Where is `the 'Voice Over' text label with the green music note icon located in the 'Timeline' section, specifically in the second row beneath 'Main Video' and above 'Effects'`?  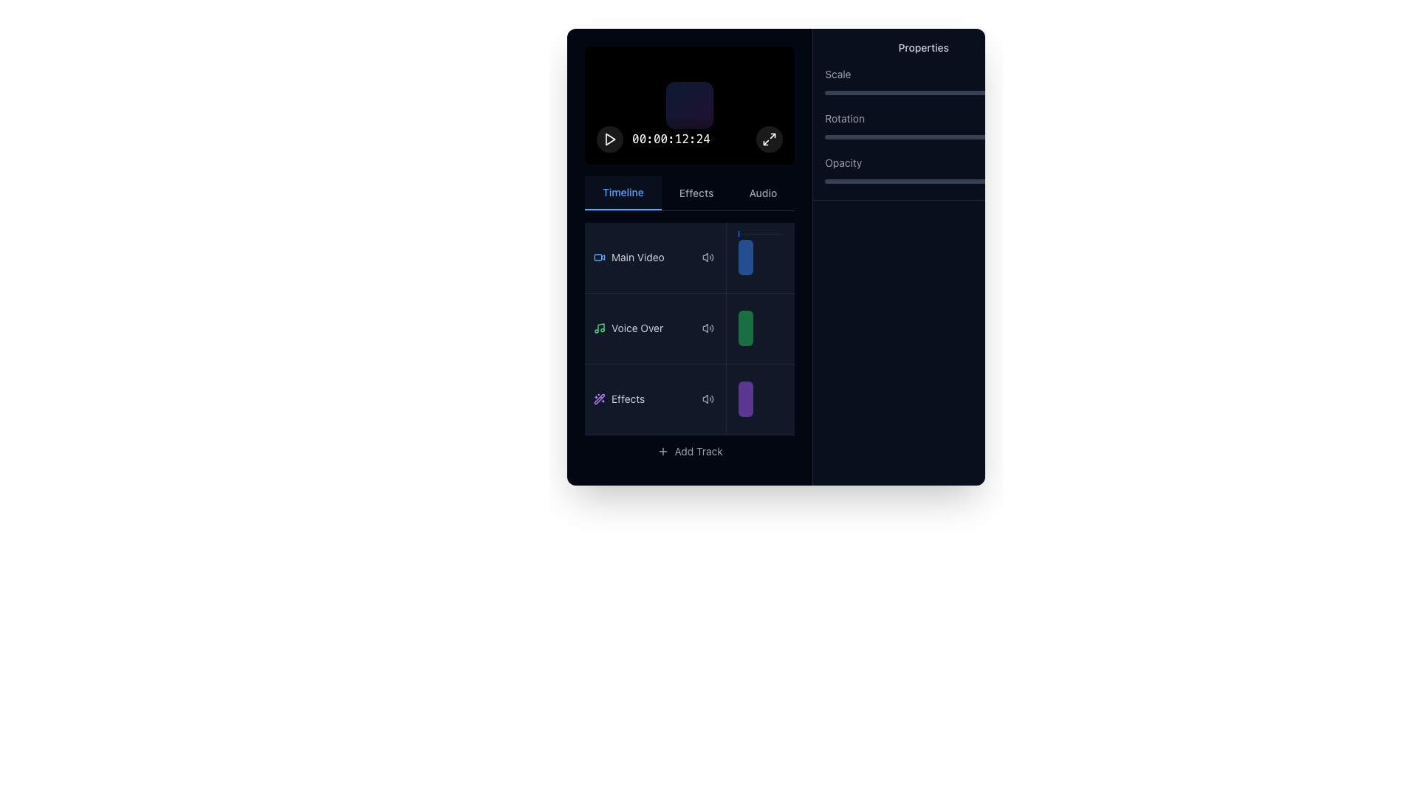 the 'Voice Over' text label with the green music note icon located in the 'Timeline' section, specifically in the second row beneath 'Main Video' and above 'Effects' is located at coordinates (655, 327).